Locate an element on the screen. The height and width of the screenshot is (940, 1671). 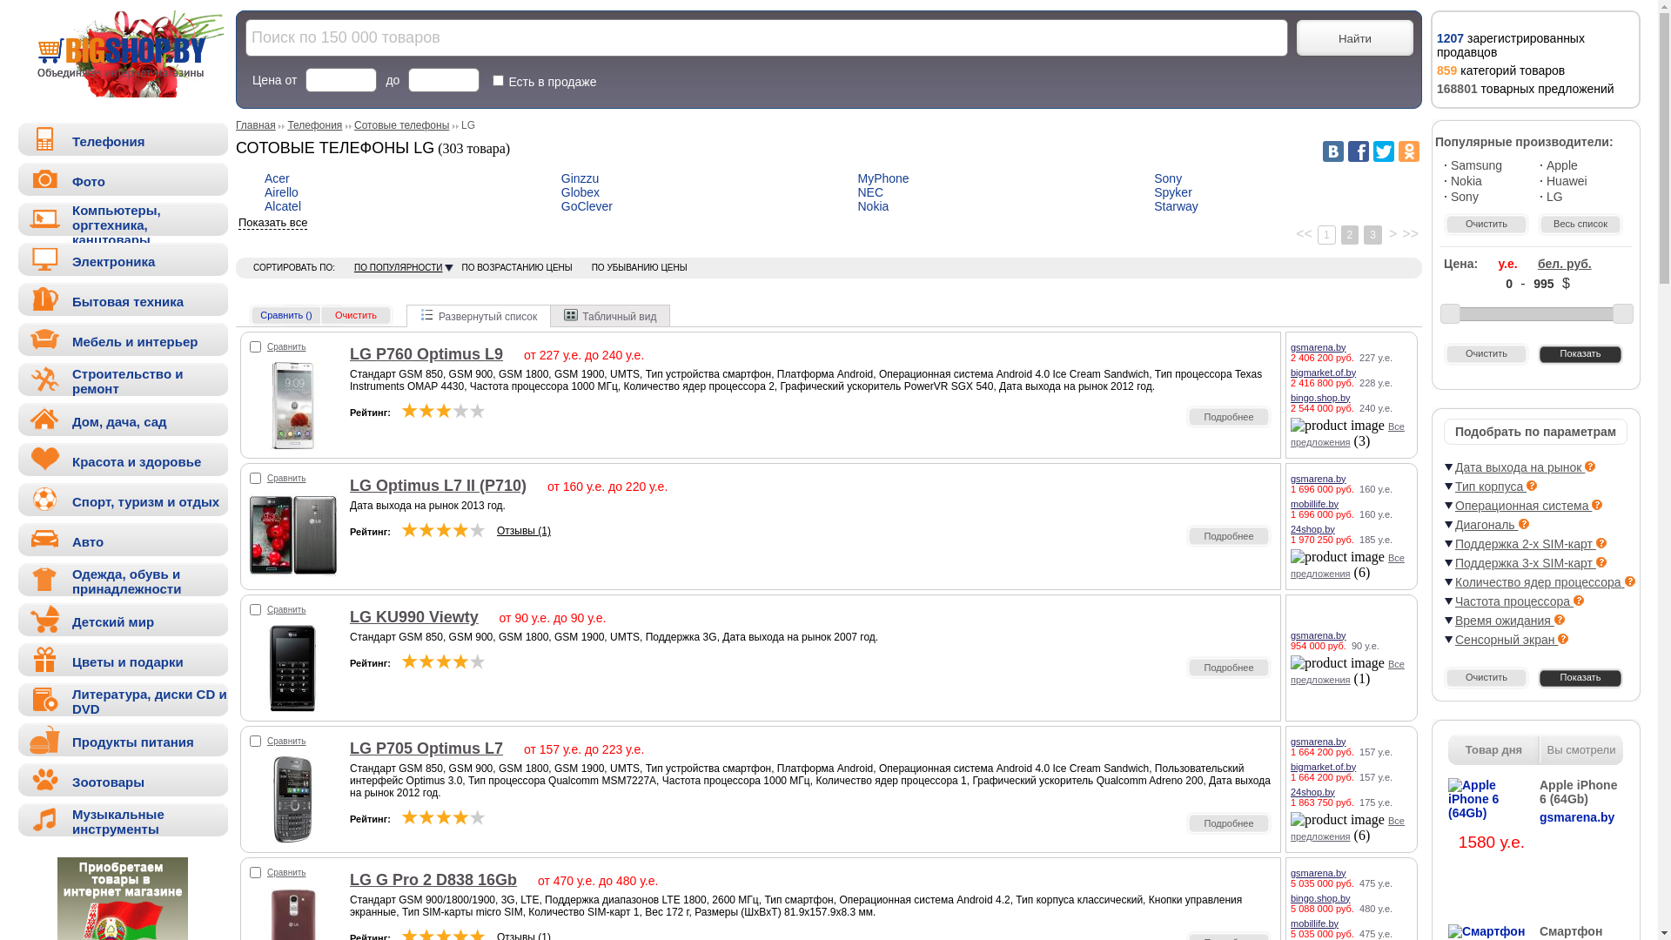
'Twitter' is located at coordinates (1382, 150).